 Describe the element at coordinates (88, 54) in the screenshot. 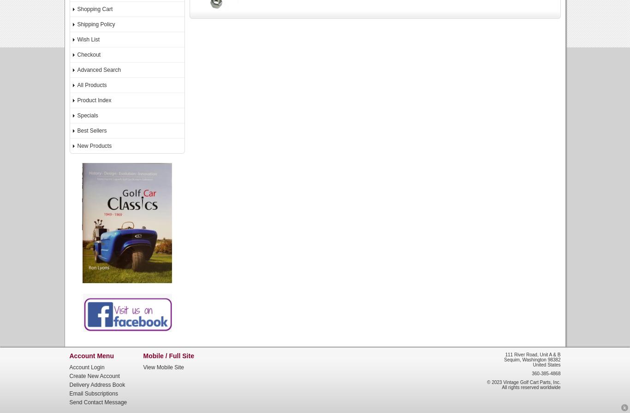

I see `'Checkout'` at that location.